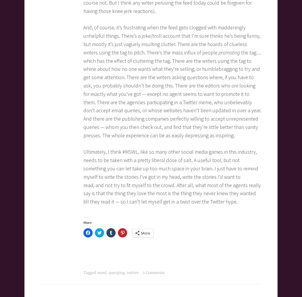 The width and height of the screenshot is (302, 297). Describe the element at coordinates (229, 52) in the screenshot. I see `'promoting'` at that location.